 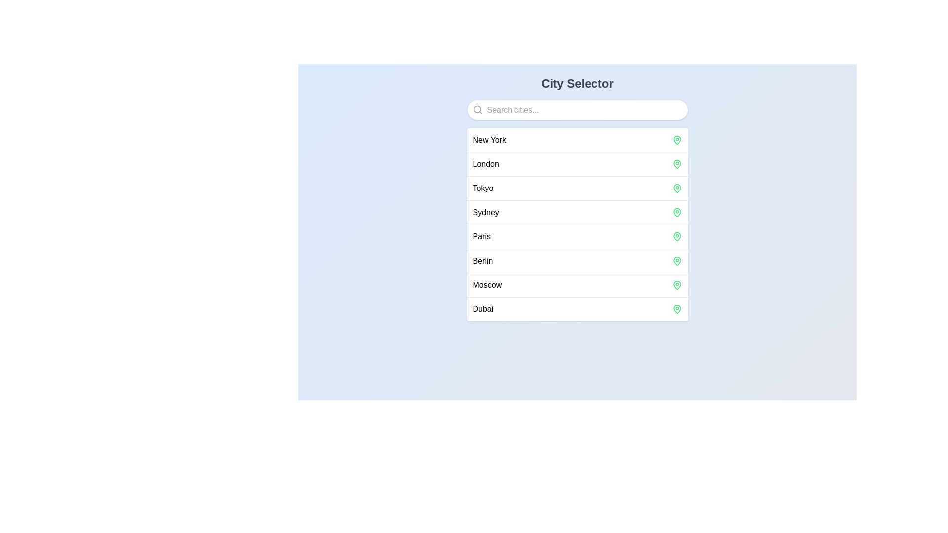 I want to click on the map pin icon with a green hue located next to the text label 'Moscow' in the list entry, so click(x=676, y=285).